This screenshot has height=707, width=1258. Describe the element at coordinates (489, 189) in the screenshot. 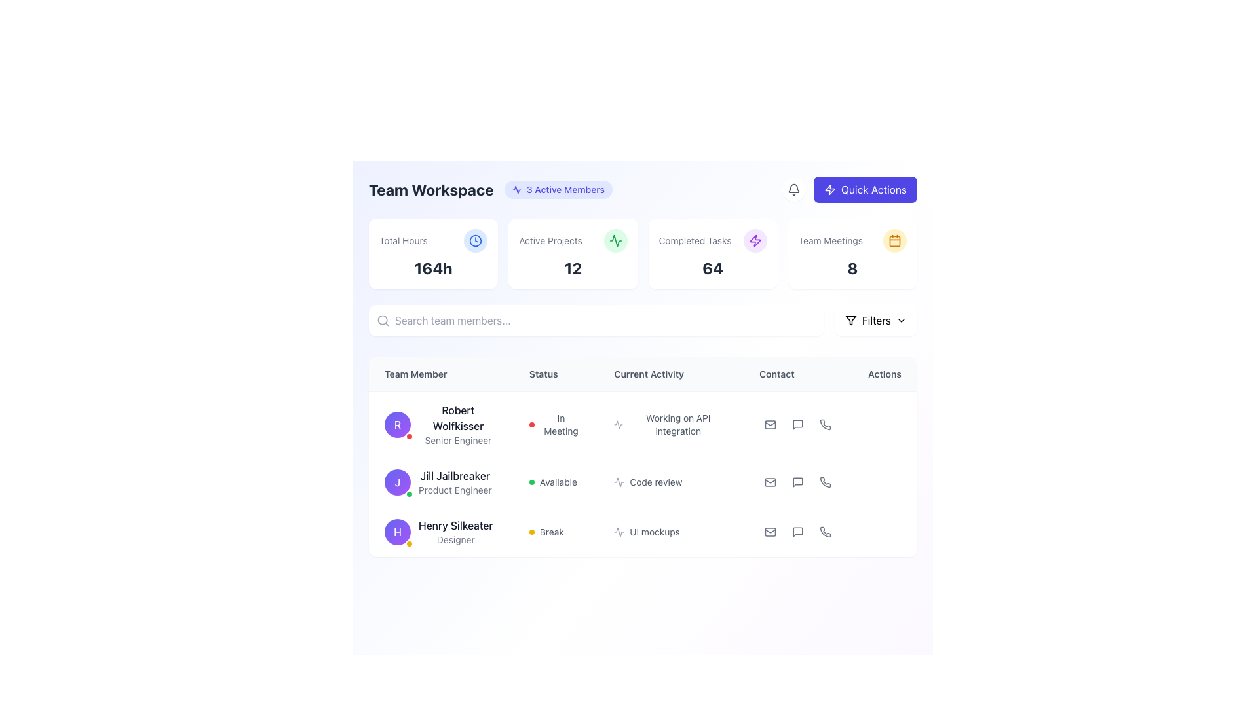

I see `the badge labeled '3 Active Members' next to the text 'Team Workspace'` at that location.